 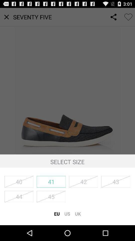 What do you see at coordinates (67, 213) in the screenshot?
I see `the icon to the right of eu icon` at bounding box center [67, 213].